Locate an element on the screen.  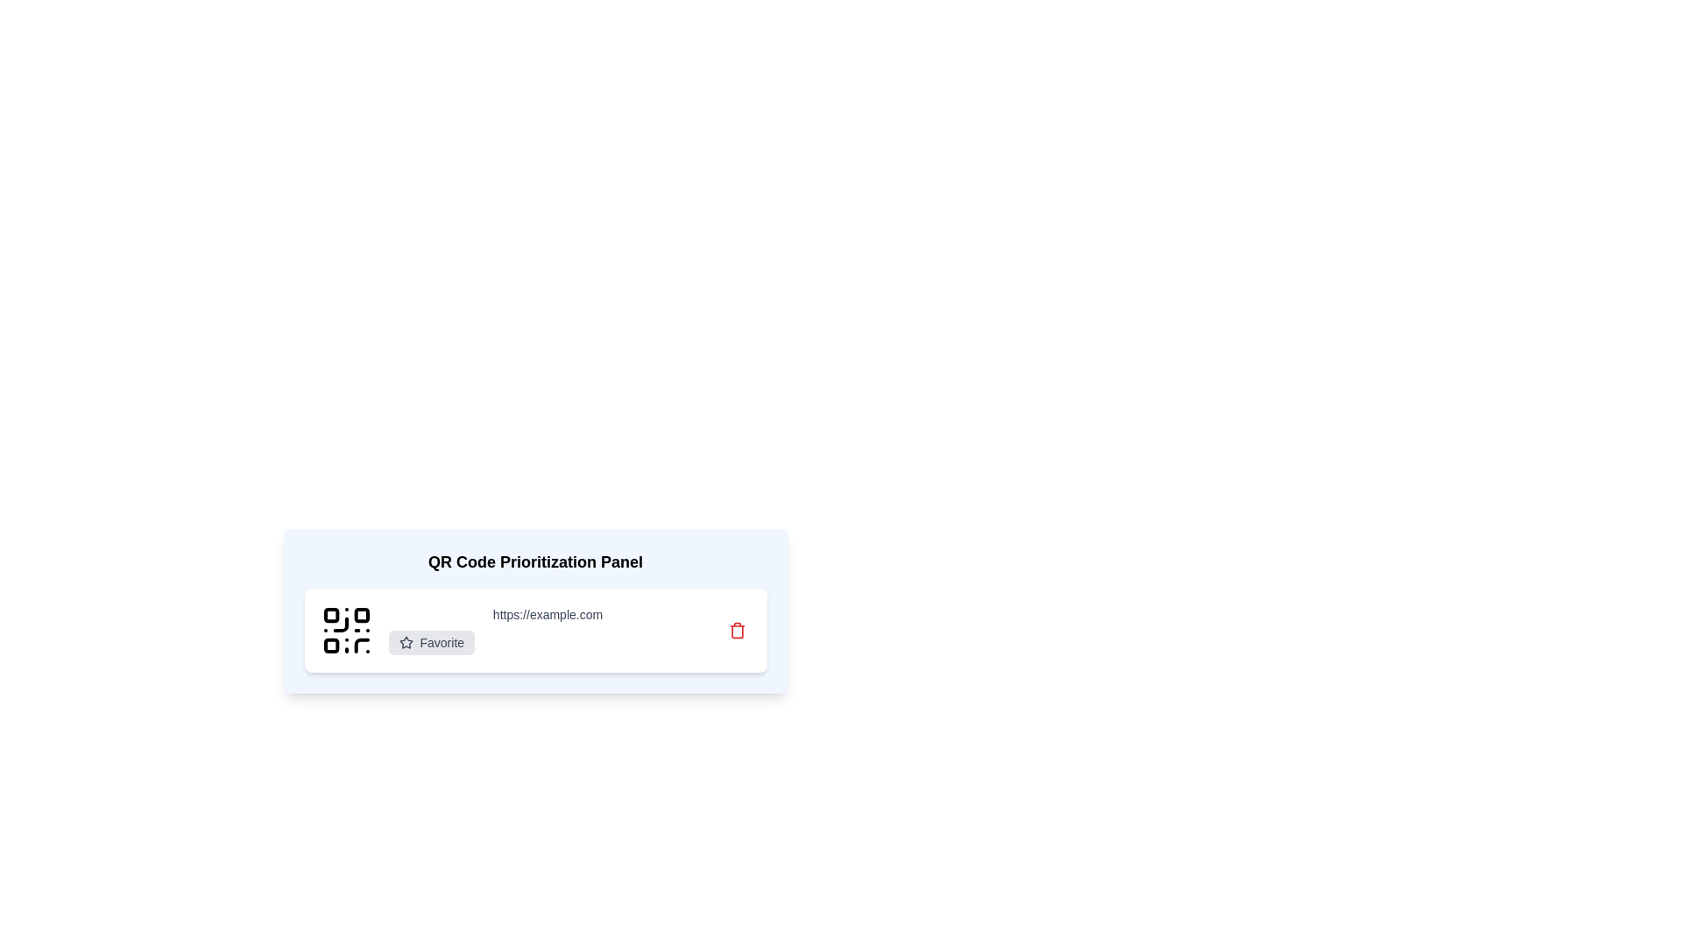
the text link displaying 'https://example.com' is located at coordinates (547, 614).